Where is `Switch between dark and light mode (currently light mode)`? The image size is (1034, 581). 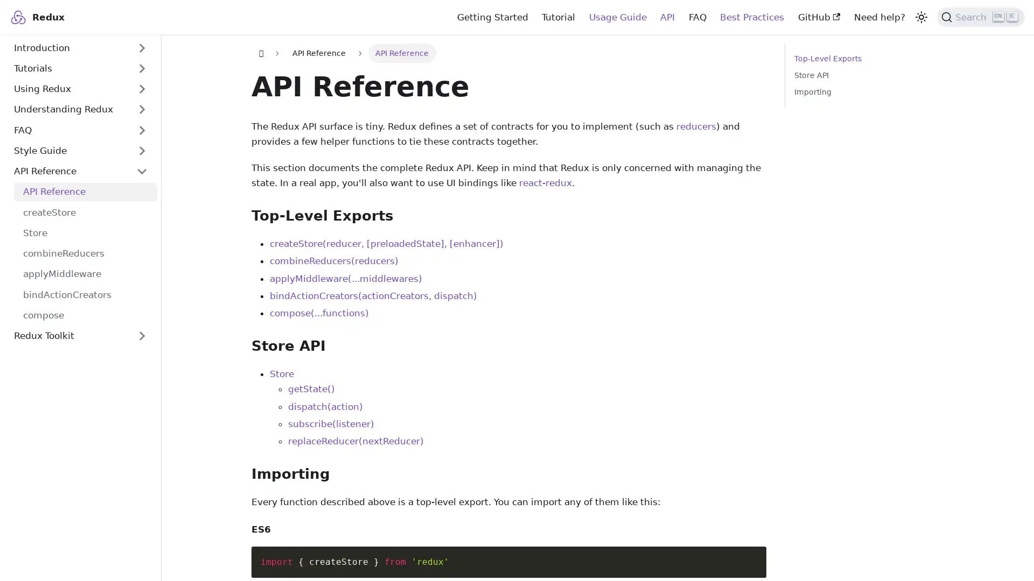
Switch between dark and light mode (currently light mode) is located at coordinates (920, 16).